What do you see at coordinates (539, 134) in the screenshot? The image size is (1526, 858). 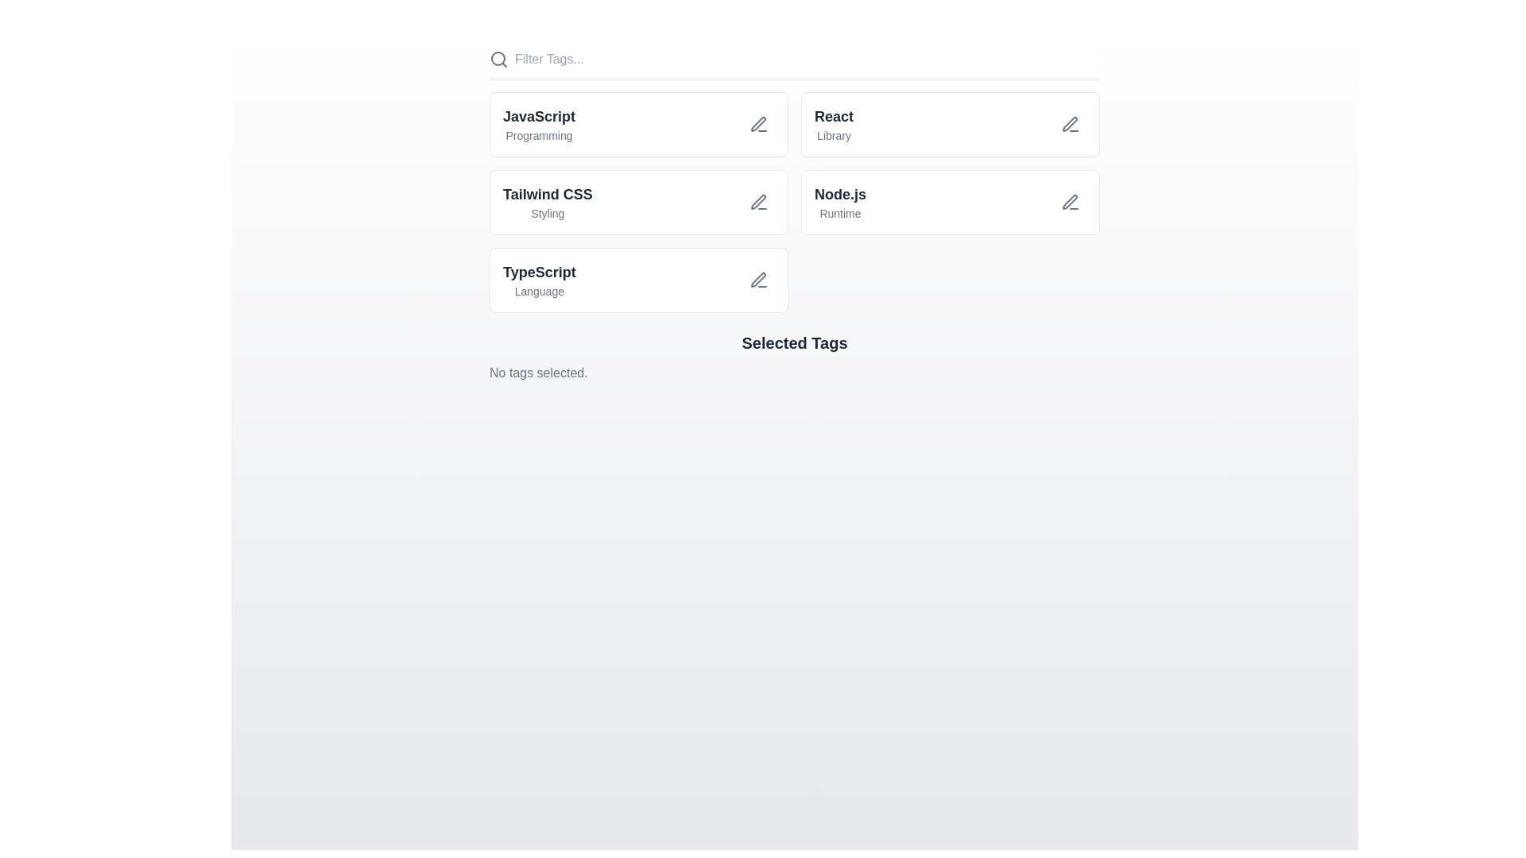 I see `the Static text label that classifies 'JavaScript' as related to 'Programming', located beneath the primary 'JavaScript' label` at bounding box center [539, 134].